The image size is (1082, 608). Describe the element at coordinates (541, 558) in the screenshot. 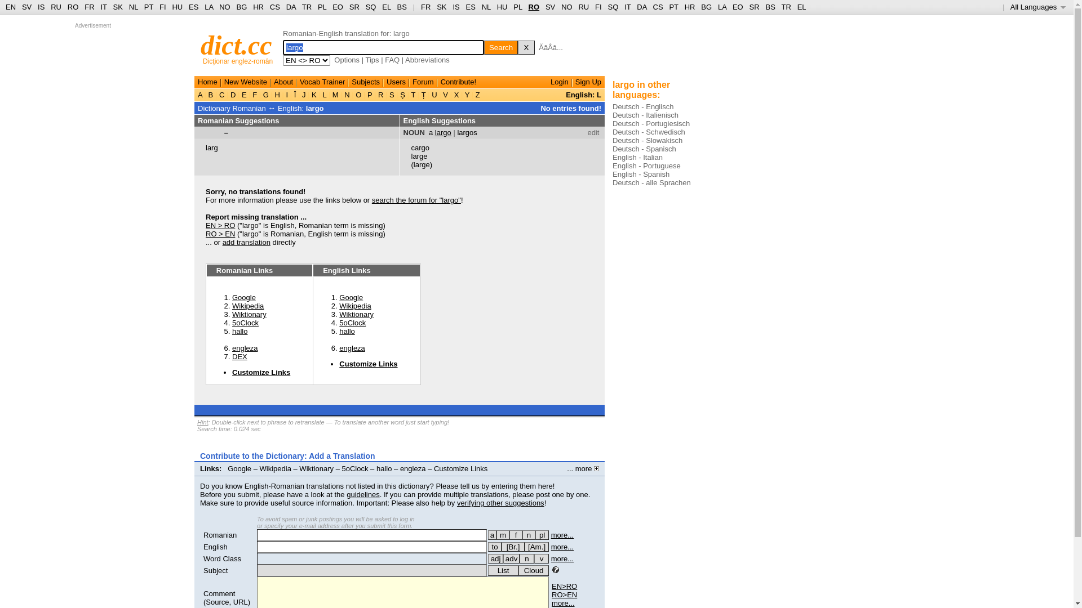

I see `'v'` at that location.